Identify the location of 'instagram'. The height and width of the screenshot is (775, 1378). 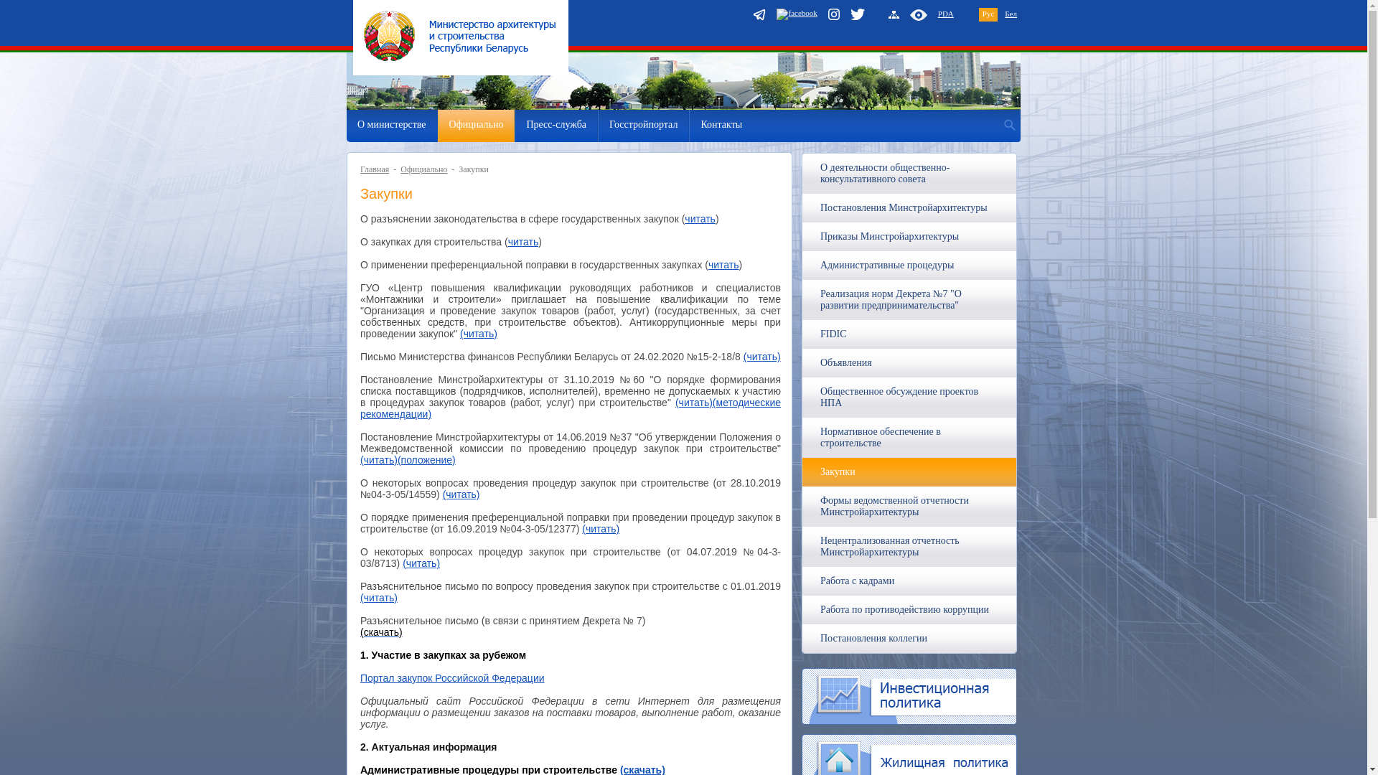
(833, 14).